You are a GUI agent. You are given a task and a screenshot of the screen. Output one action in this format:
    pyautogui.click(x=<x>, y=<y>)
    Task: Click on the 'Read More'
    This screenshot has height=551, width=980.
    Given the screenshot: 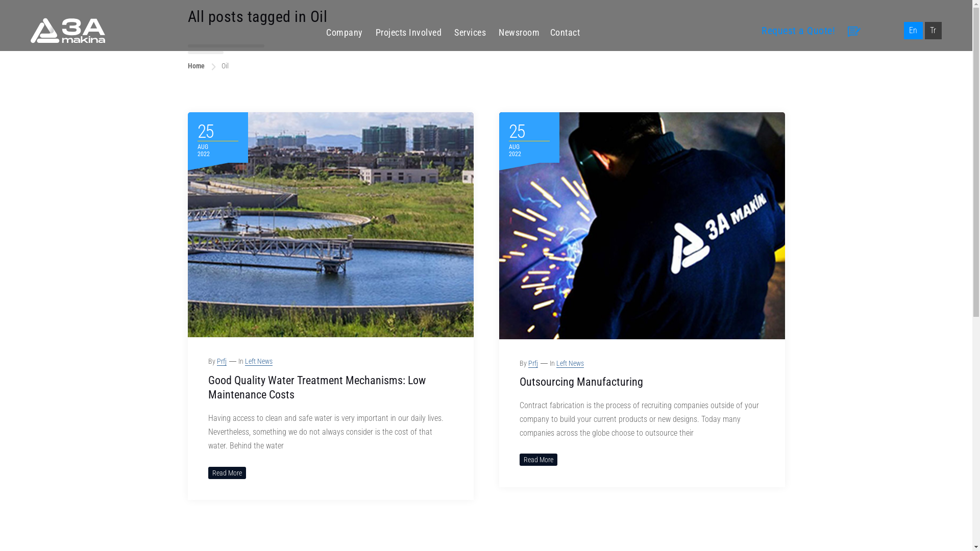 What is the action you would take?
    pyautogui.click(x=538, y=460)
    